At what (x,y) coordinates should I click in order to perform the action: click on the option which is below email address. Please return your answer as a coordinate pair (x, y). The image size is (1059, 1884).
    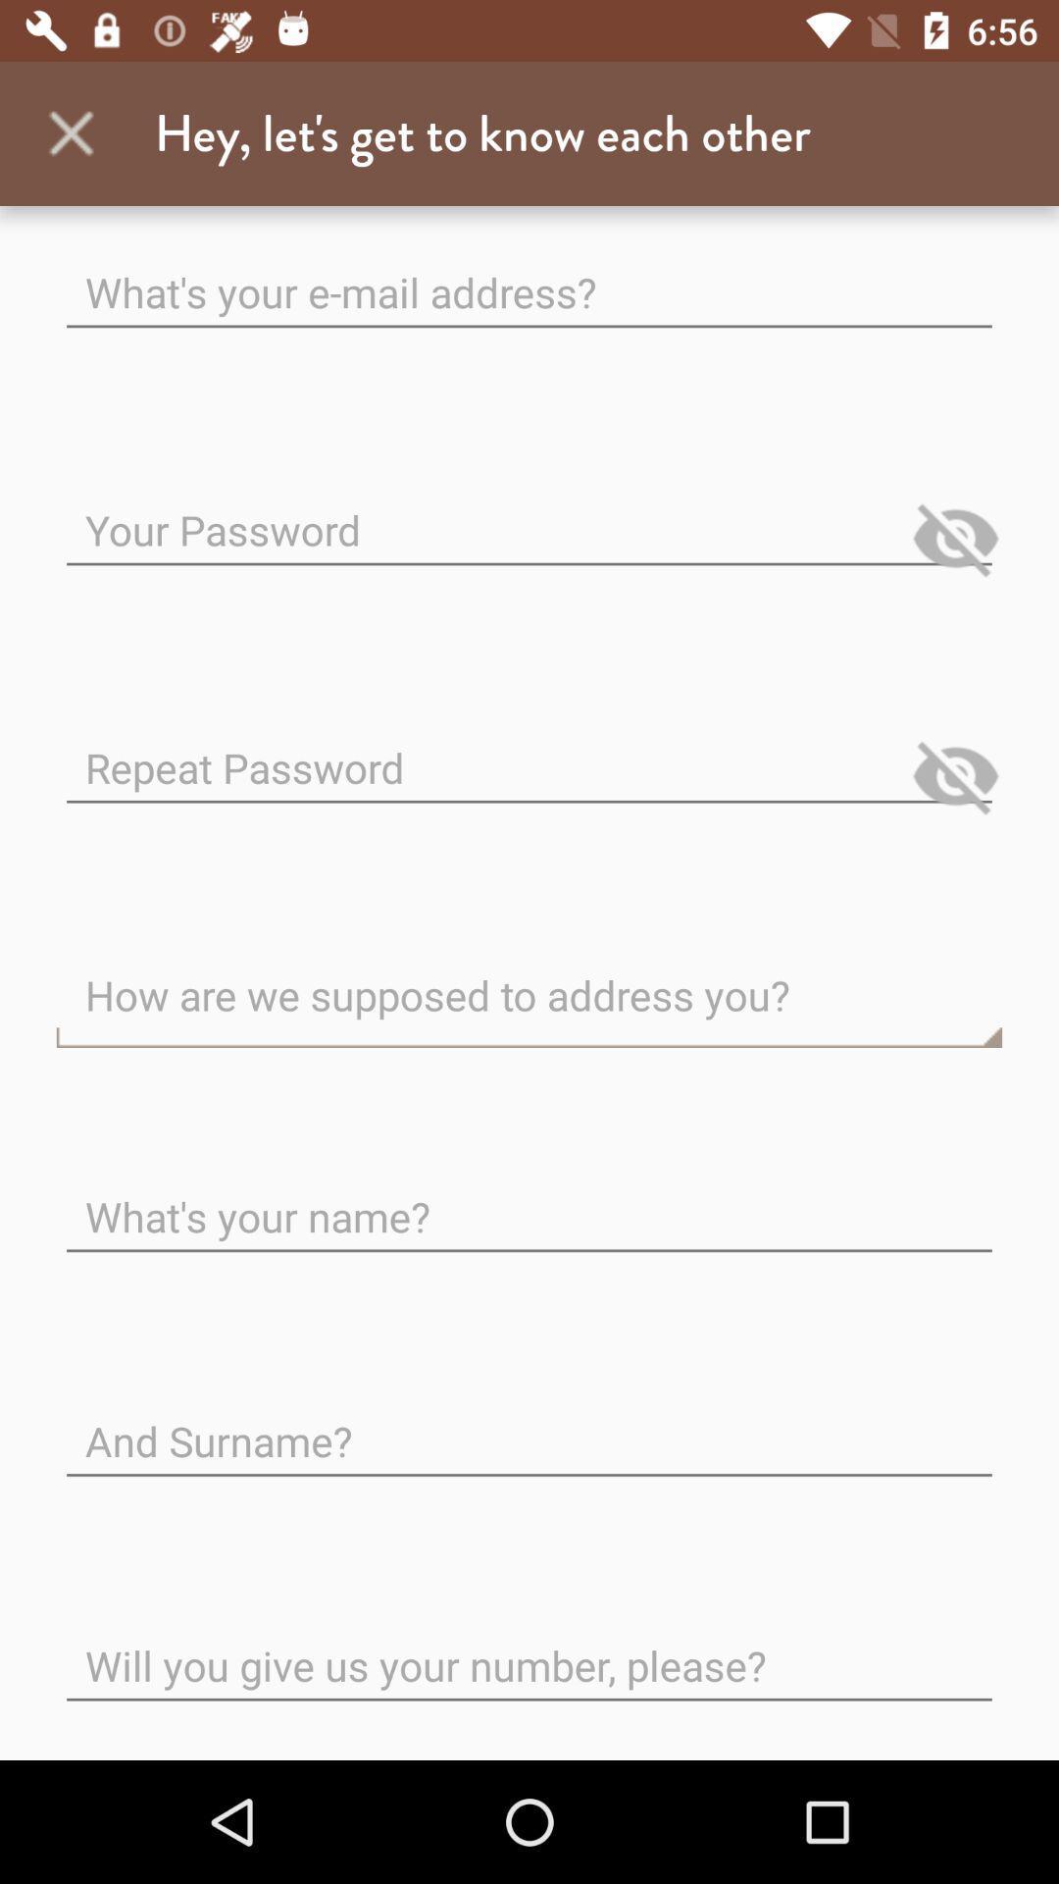
    Looking at the image, I should click on (529, 514).